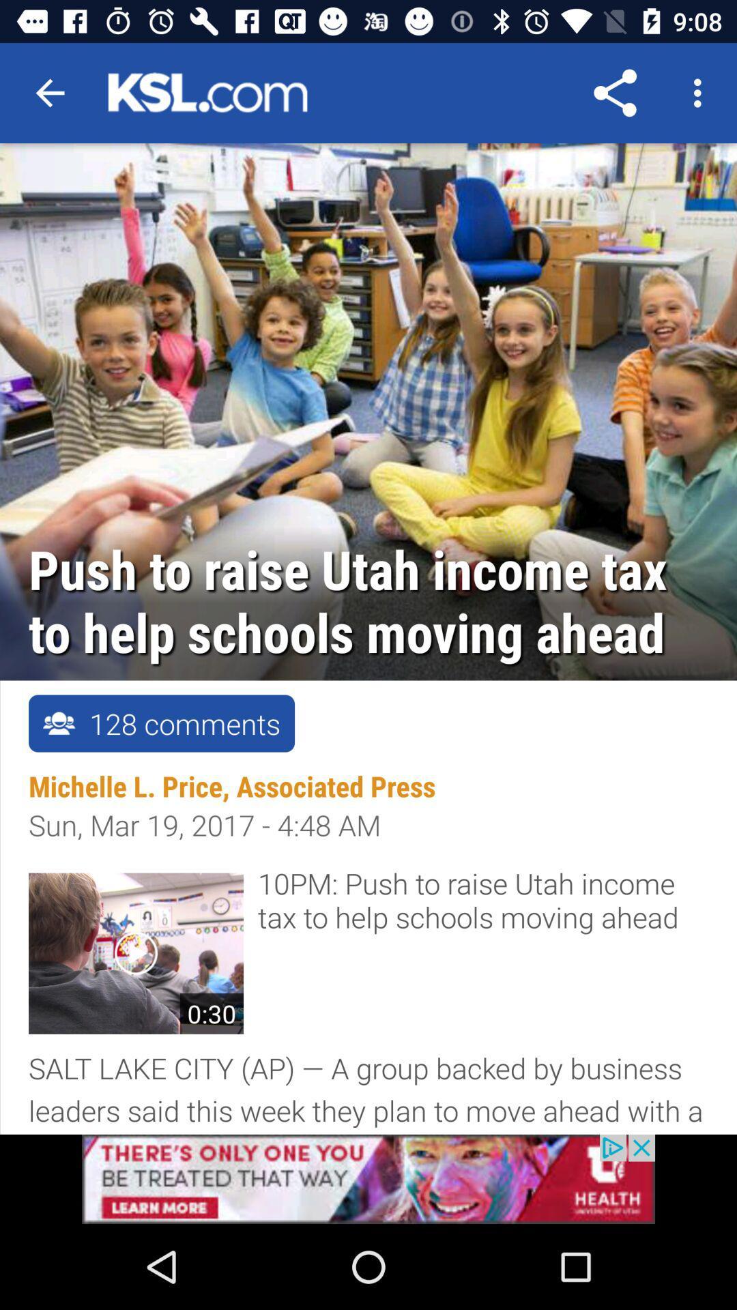  I want to click on advertisement, so click(369, 1178).